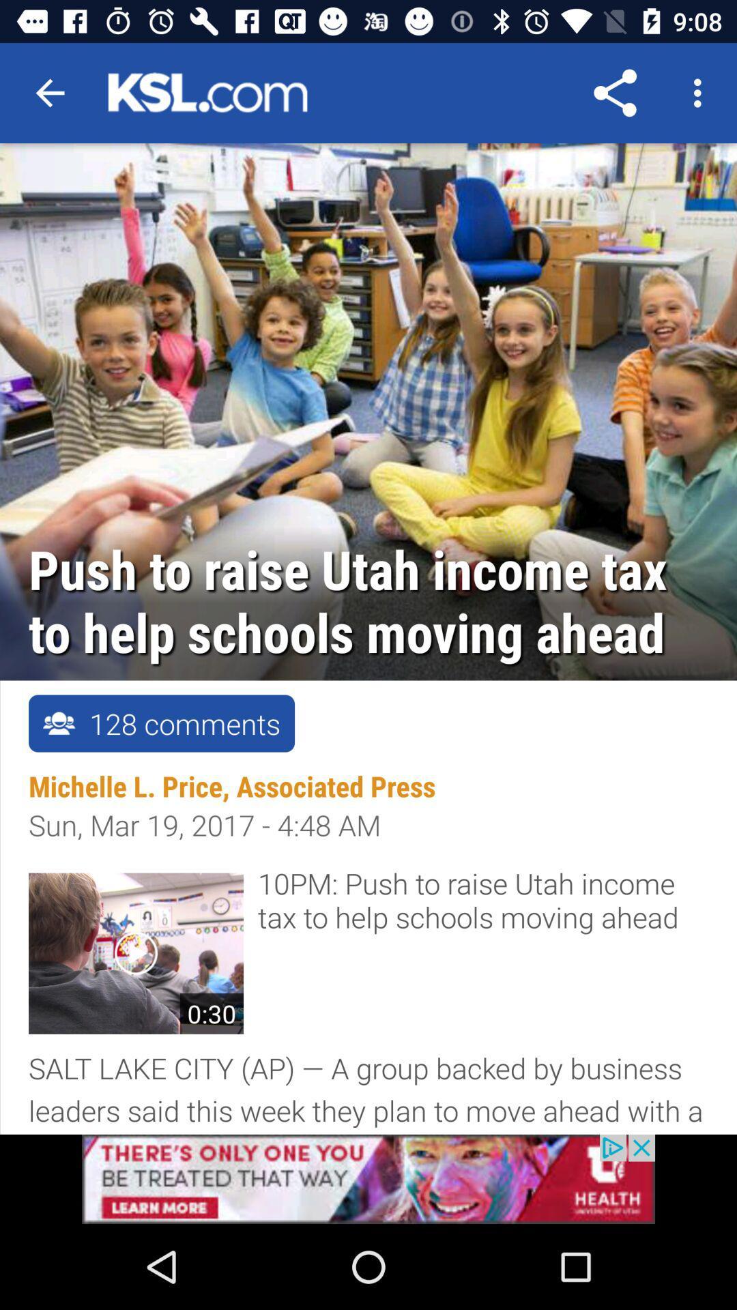  I want to click on advertisement, so click(369, 1178).